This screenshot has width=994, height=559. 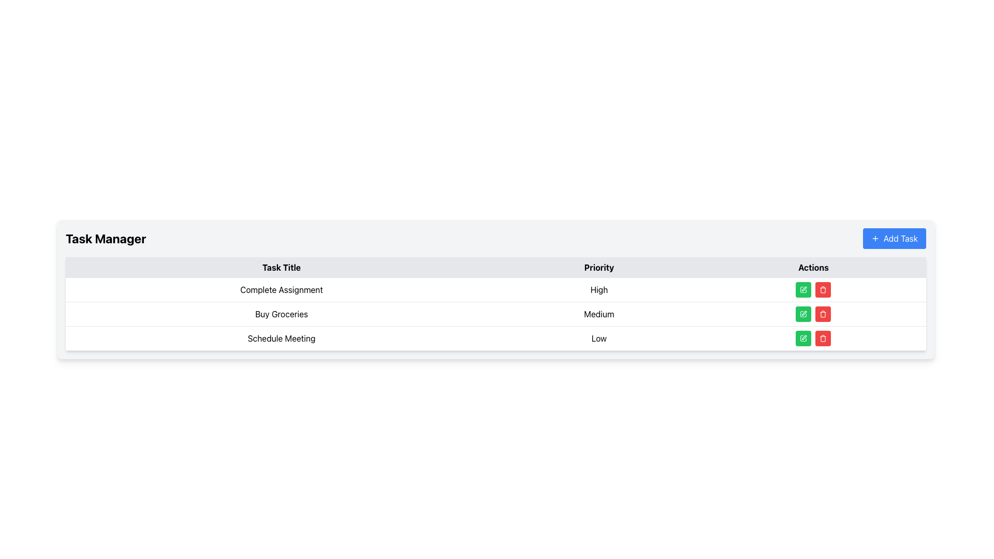 What do you see at coordinates (823, 313) in the screenshot?
I see `the red rectangular button with rounded corners featuring a white trash can icon located at the right side of the 'Actions' column in the third row of the table interface` at bounding box center [823, 313].